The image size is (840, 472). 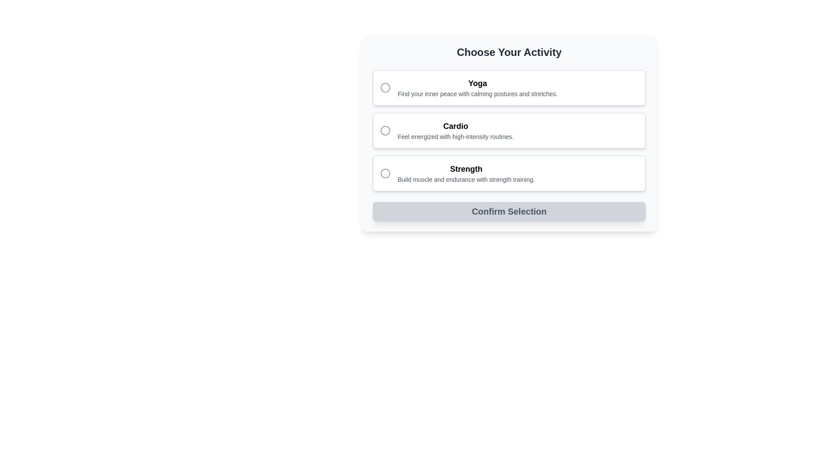 I want to click on the radio button indicator located to the left of the text 'Strength' in the third option of the vertical list for feedback, so click(x=385, y=174).